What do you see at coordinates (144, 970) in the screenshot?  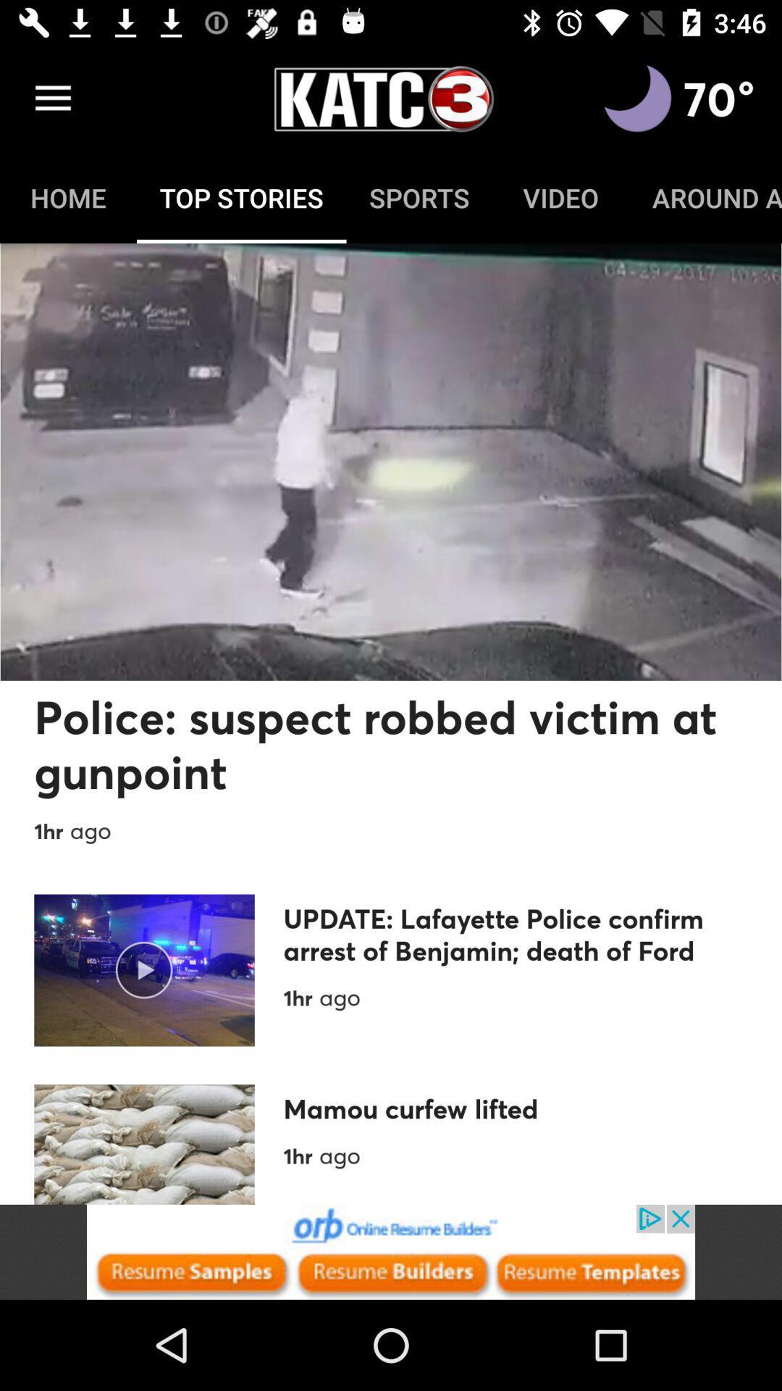 I see `the video left to the text update lafayette police confirm arrest of benjamin death of ford` at bounding box center [144, 970].